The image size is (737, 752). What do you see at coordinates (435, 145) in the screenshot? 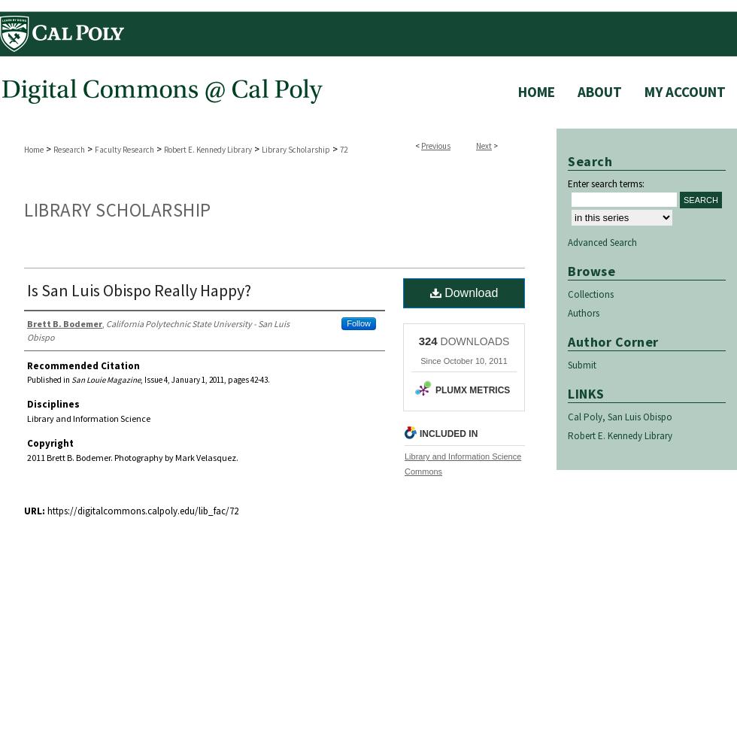
I see `'Previous'` at bounding box center [435, 145].